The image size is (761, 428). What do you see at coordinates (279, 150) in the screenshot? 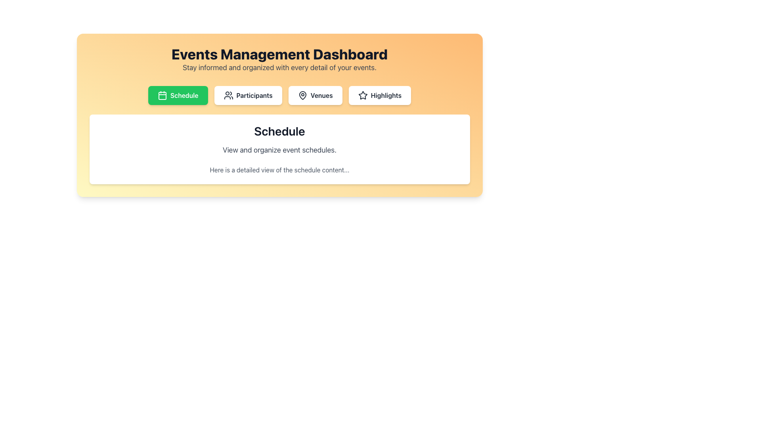
I see `the text label that provides additional context about the 'Schedule' section, which is situated within a rectangle with a white background, rounded corners, and a shadow effect, located between the larger text 'Schedule' and the smaller text below` at bounding box center [279, 150].